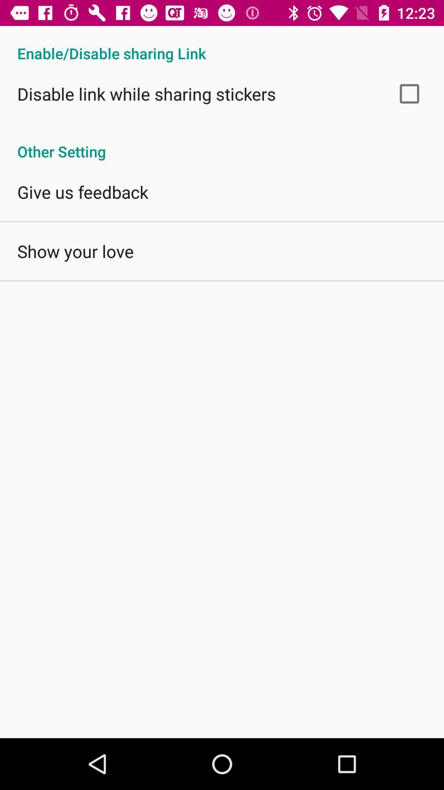  What do you see at coordinates (83, 191) in the screenshot?
I see `the give us feedback app` at bounding box center [83, 191].